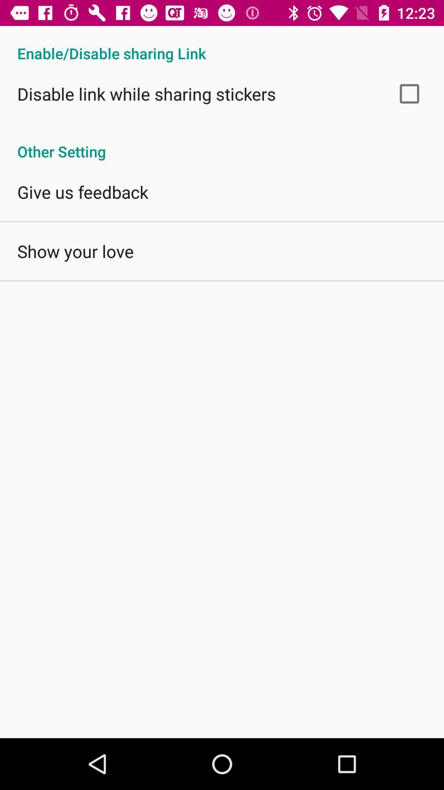  What do you see at coordinates (83, 191) in the screenshot?
I see `the give us feedback app` at bounding box center [83, 191].